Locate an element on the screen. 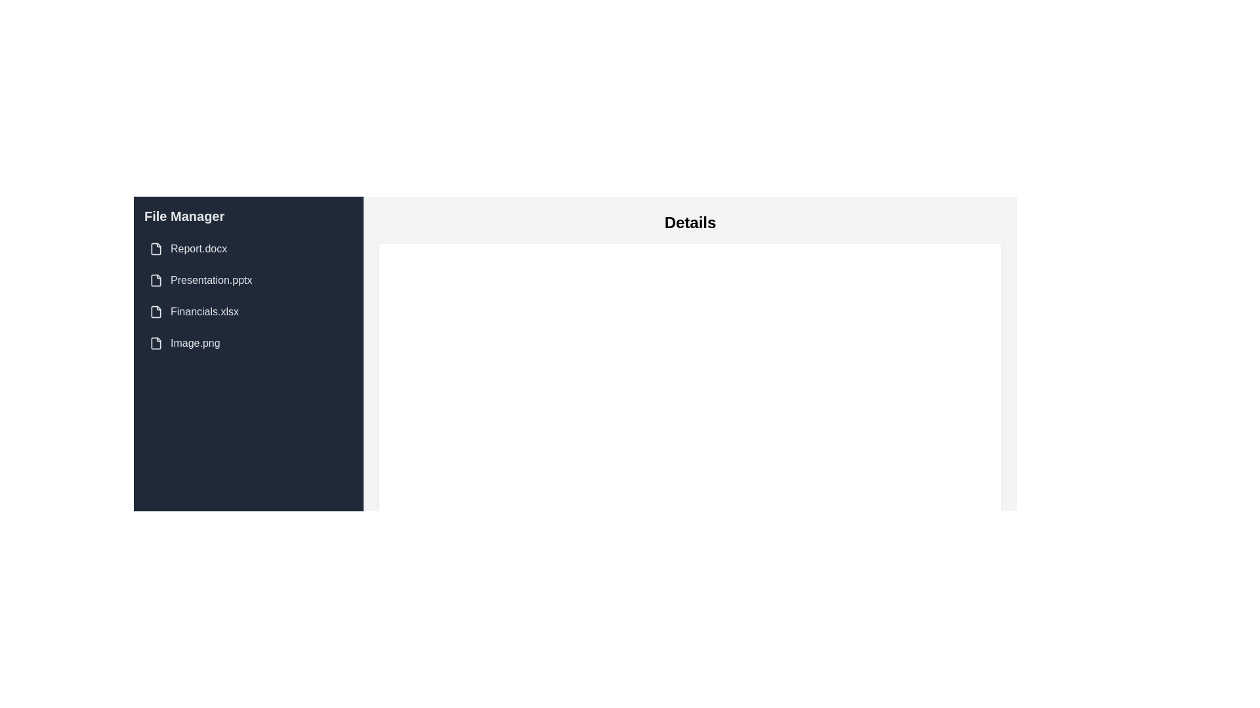 This screenshot has height=708, width=1260. the list item displaying the text 'Presentation.pptx' in the left sidebar is located at coordinates (249, 280).